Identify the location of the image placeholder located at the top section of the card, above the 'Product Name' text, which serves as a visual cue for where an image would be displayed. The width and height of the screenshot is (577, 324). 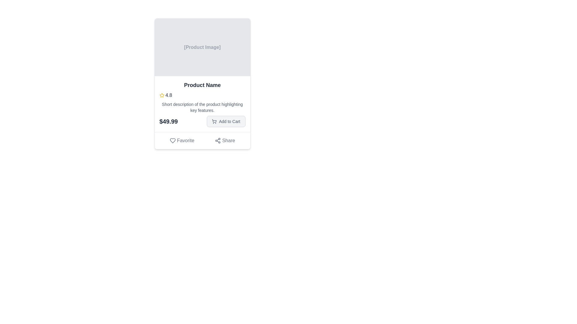
(202, 47).